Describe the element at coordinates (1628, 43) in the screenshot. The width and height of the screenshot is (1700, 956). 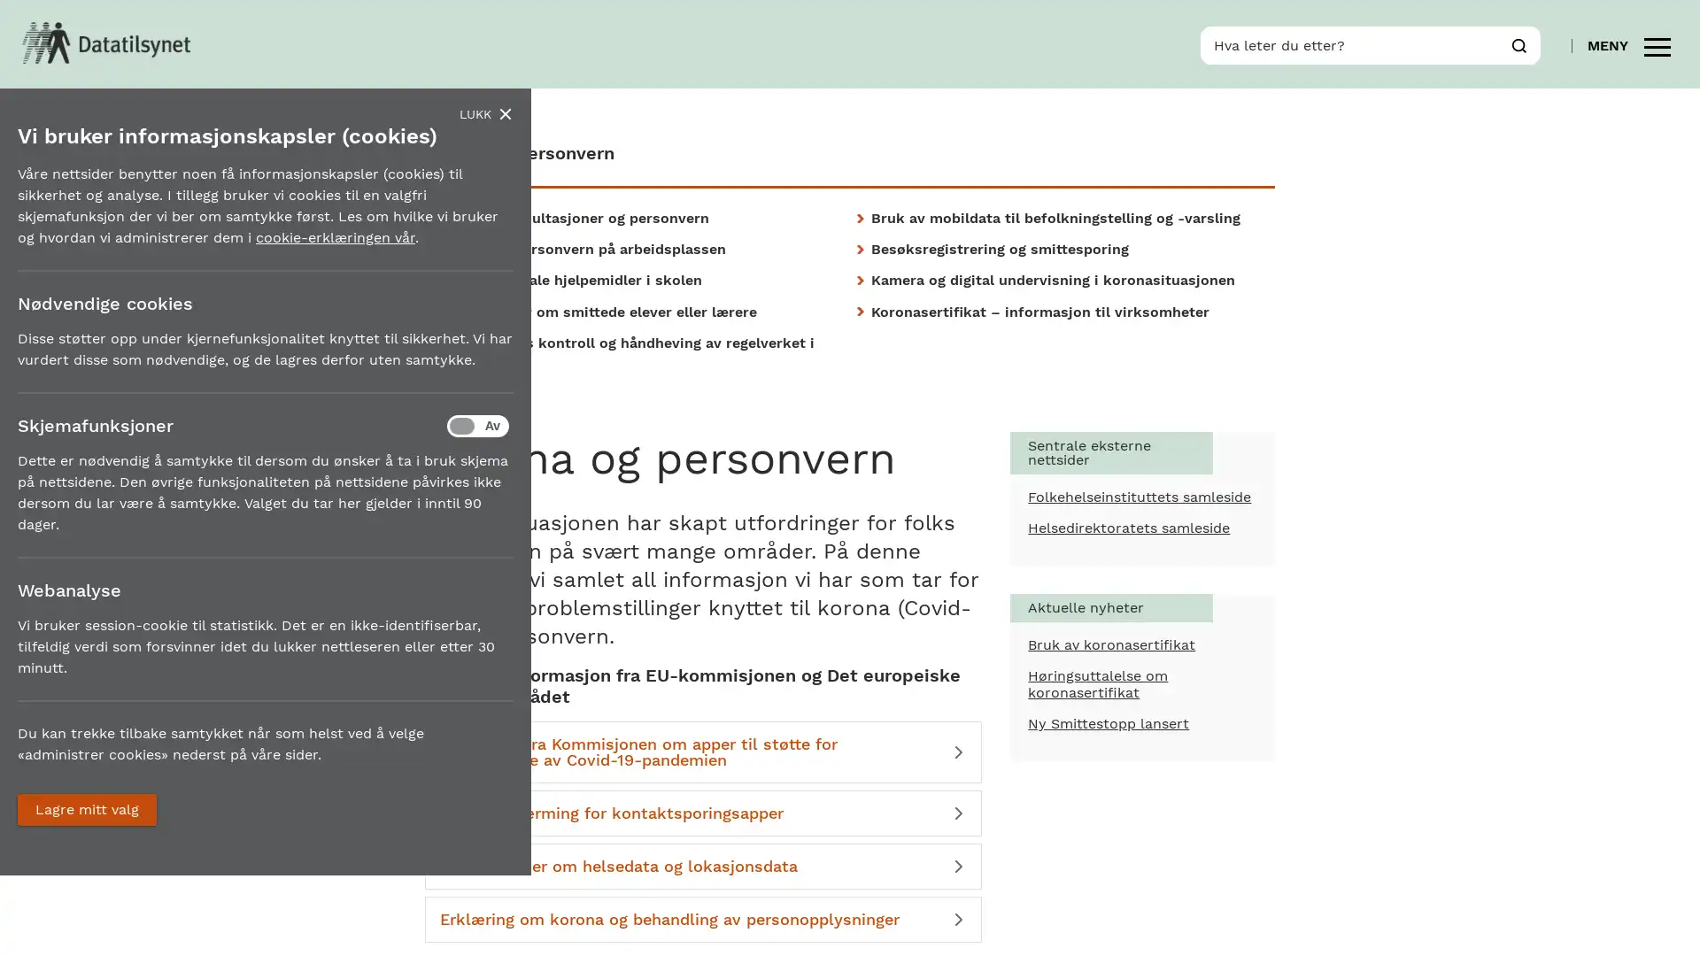
I see `MENY VIS/SKJUL MENY` at that location.